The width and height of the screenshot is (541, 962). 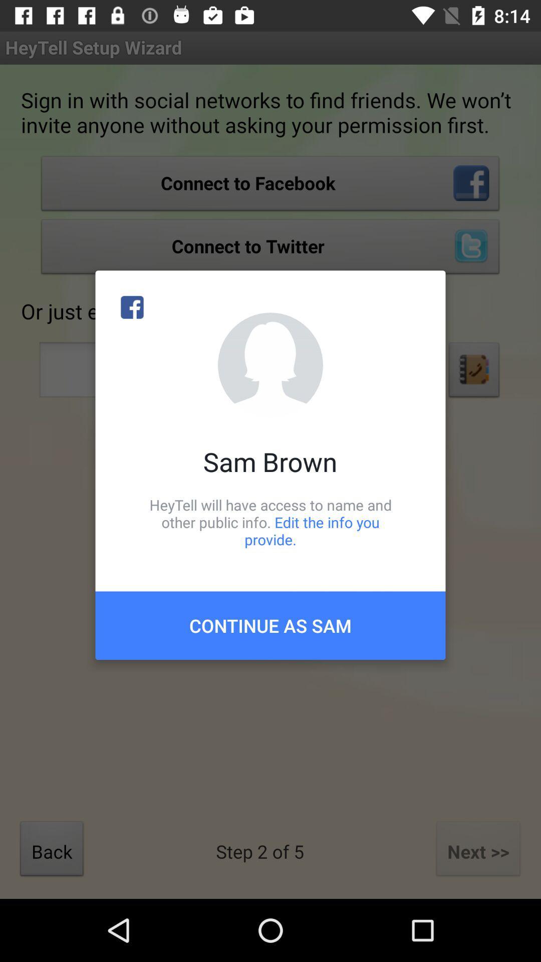 I want to click on the icon below heytell will have, so click(x=270, y=625).